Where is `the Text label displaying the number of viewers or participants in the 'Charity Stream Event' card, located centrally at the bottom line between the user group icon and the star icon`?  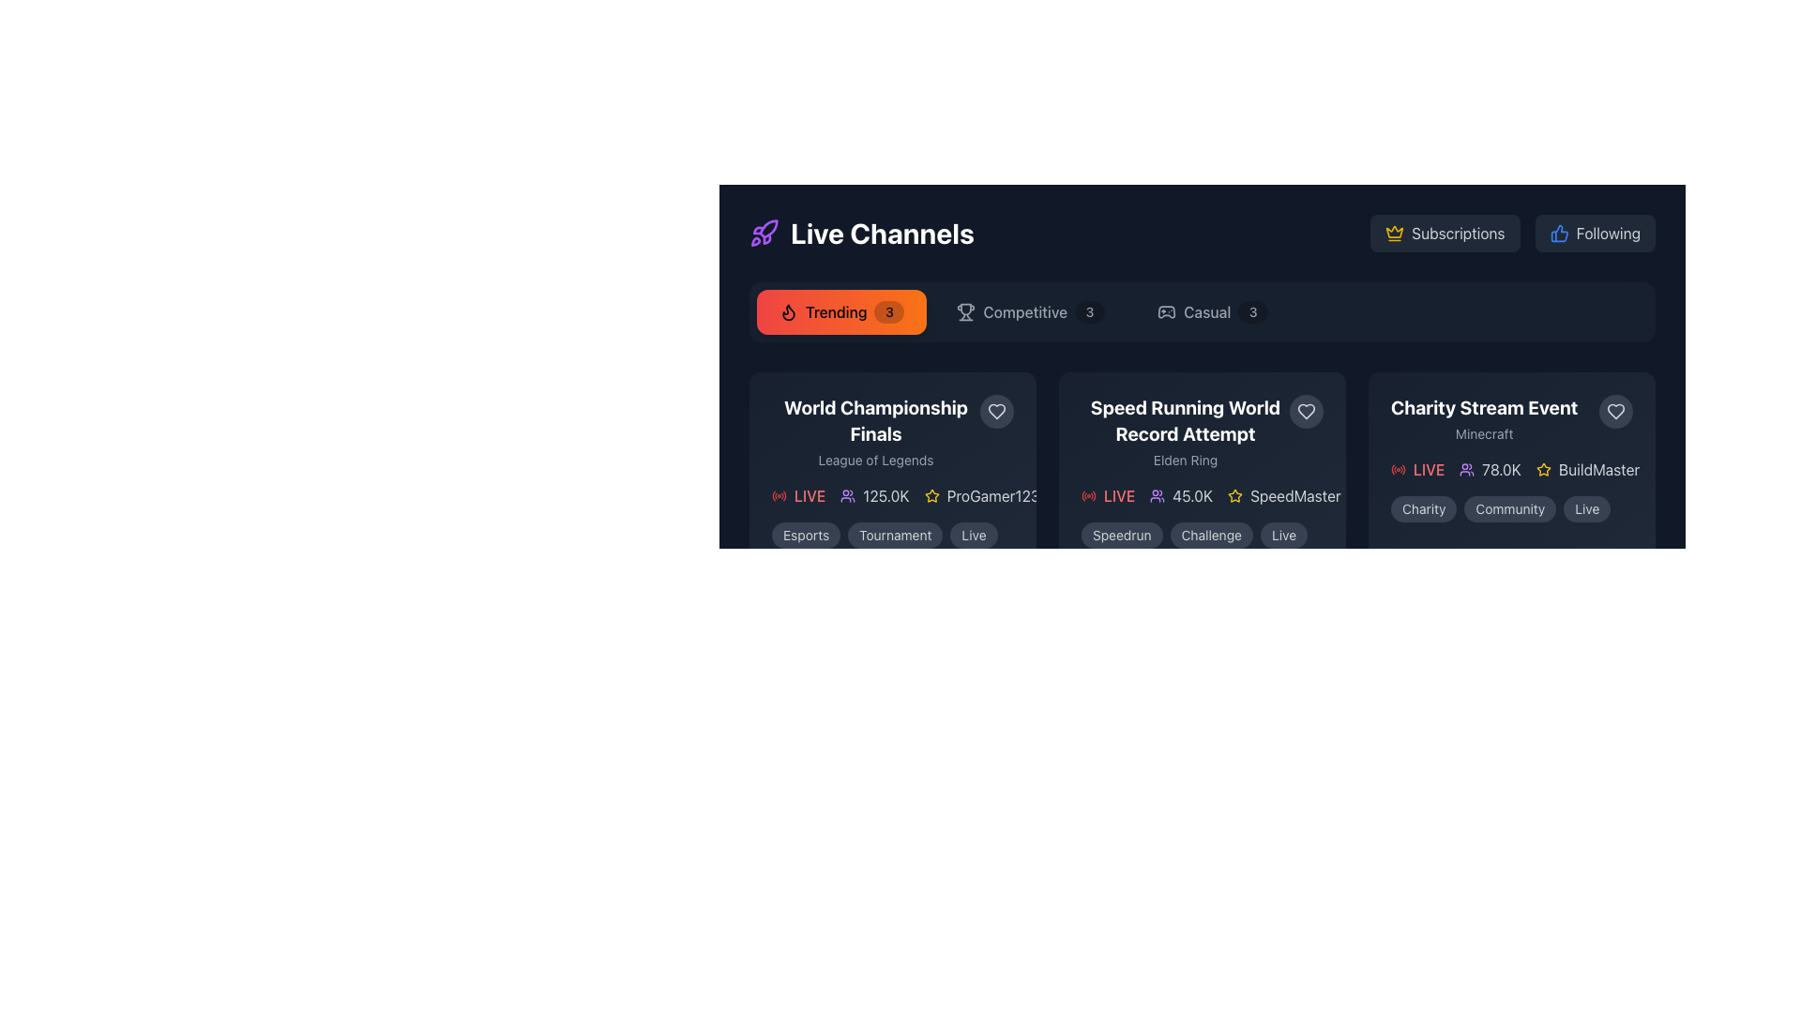
the Text label displaying the number of viewers or participants in the 'Charity Stream Event' card, located centrally at the bottom line between the user group icon and the star icon is located at coordinates (1502, 469).